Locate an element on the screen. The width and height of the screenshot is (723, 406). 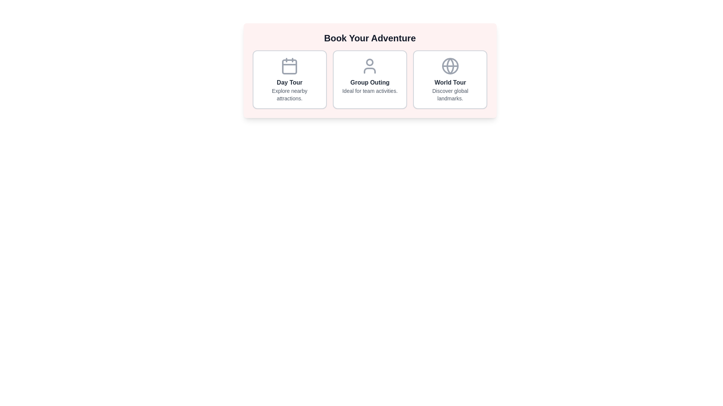
text segment displaying the title 'Day Tour' and the description 'Explore nearby attractions', which is centrally aligned below a calendar icon in the first column of a three-column grid is located at coordinates (289, 89).